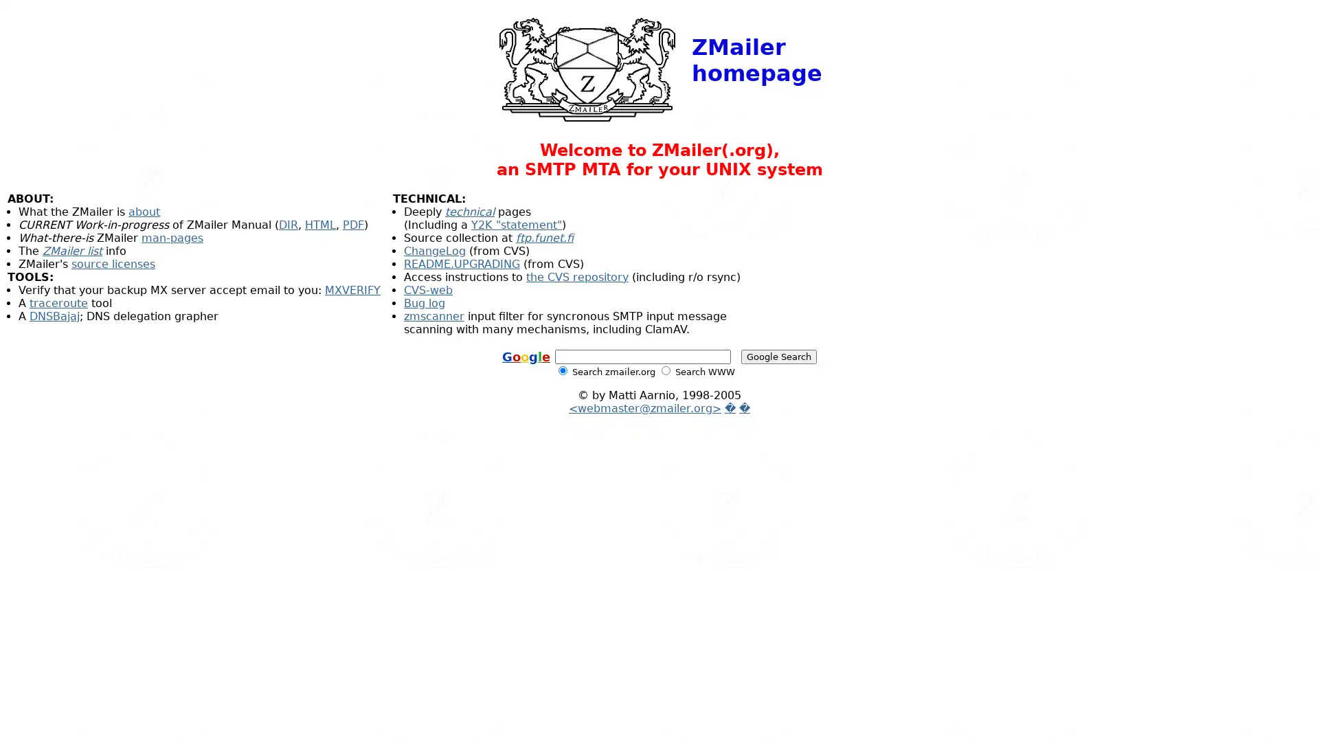  What do you see at coordinates (778, 356) in the screenshot?
I see `Google Search` at bounding box center [778, 356].